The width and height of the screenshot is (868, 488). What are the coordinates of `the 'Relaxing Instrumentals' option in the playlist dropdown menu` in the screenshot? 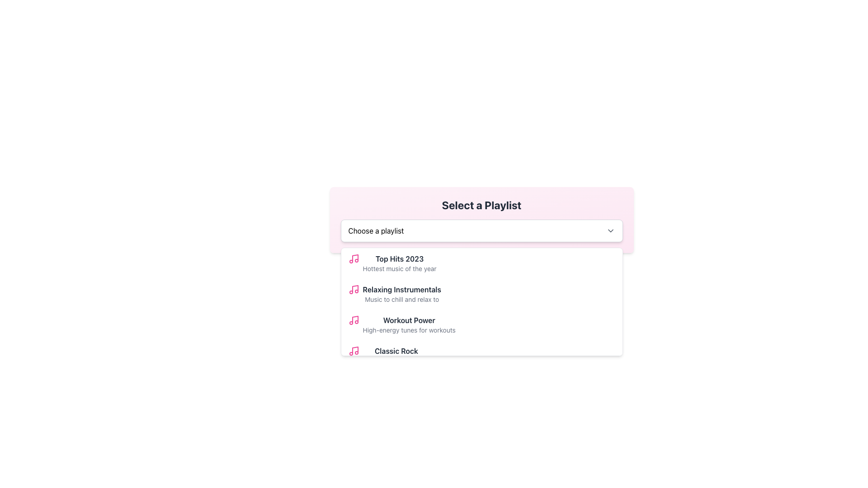 It's located at (481, 294).